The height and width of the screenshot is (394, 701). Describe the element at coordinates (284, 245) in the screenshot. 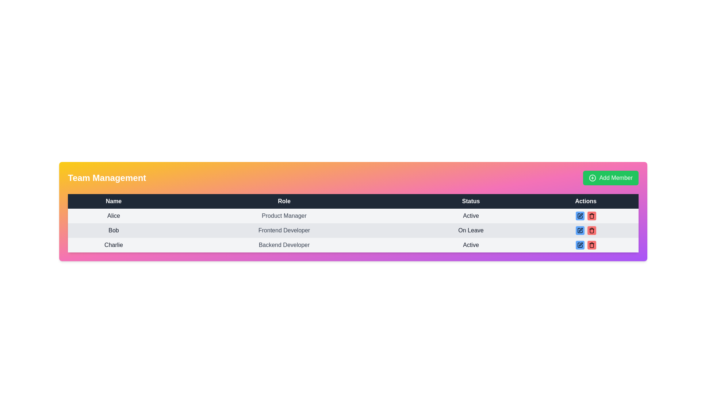

I see `the text label displaying the job role of user 'Charlie', indicating their position as 'Backend Developer', located in the third row of the table under the 'Role' column` at that location.